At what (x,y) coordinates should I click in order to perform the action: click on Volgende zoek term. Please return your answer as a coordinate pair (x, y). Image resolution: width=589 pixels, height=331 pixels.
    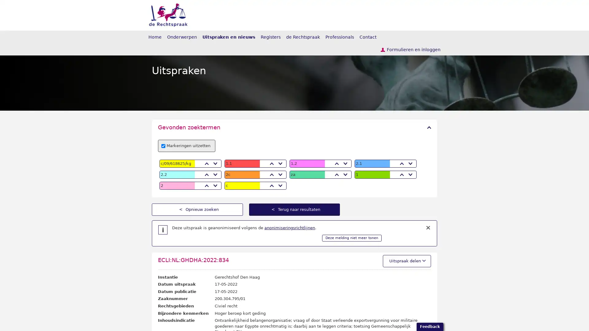
    Looking at the image, I should click on (215, 163).